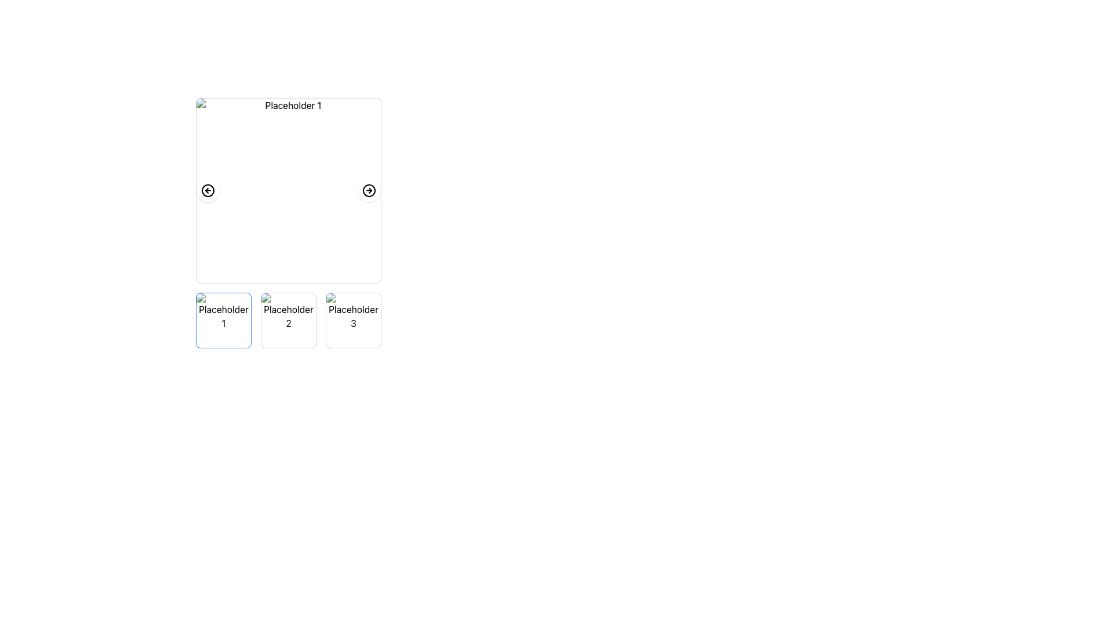  I want to click on the left navigational button of the carousel, which is located on the left side of the item titled 'Placeholder 1', so click(208, 190).